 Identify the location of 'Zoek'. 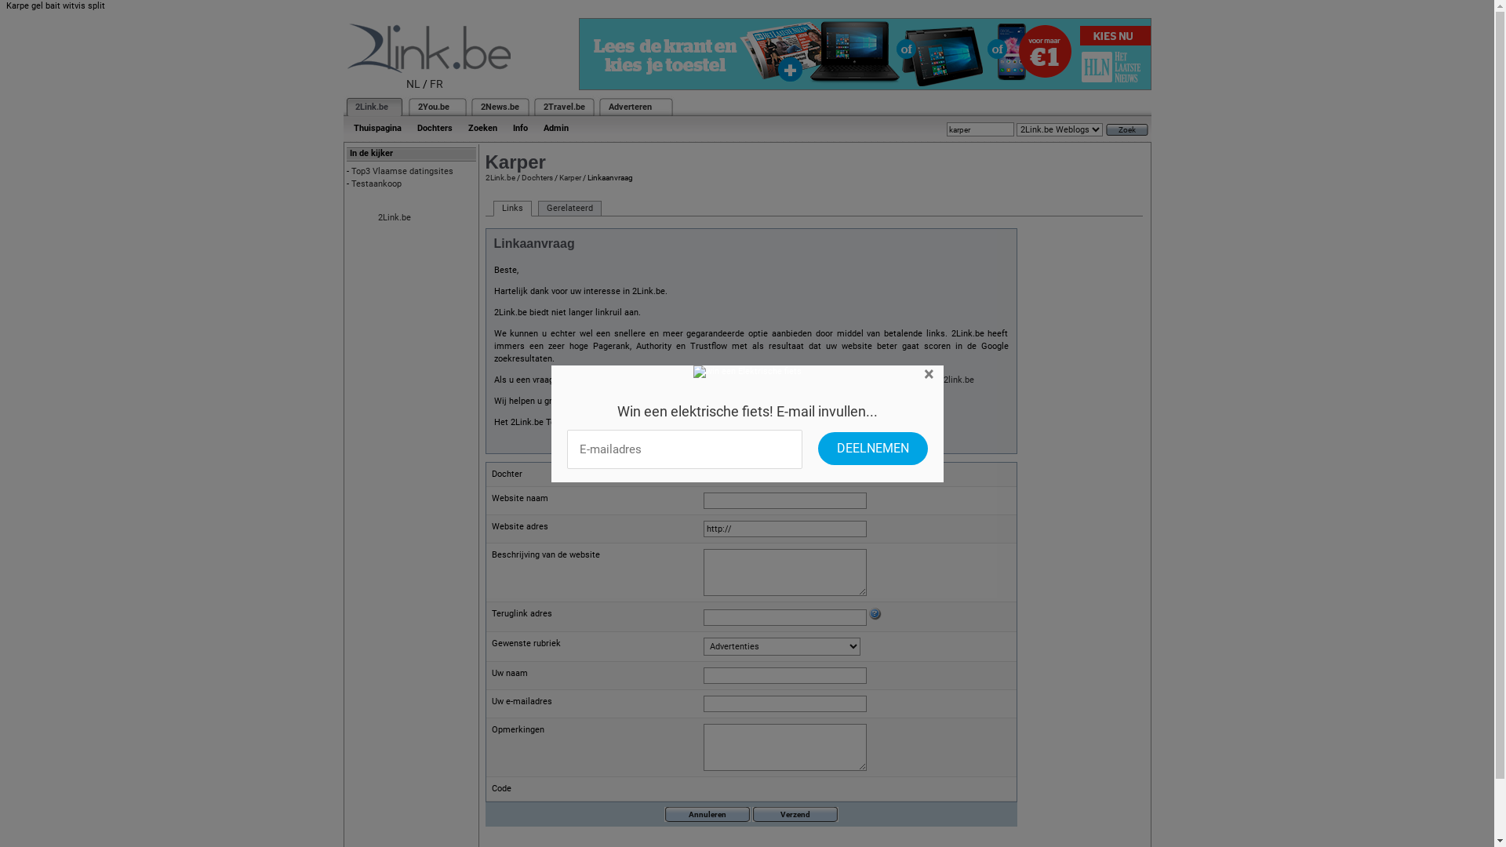
(1126, 129).